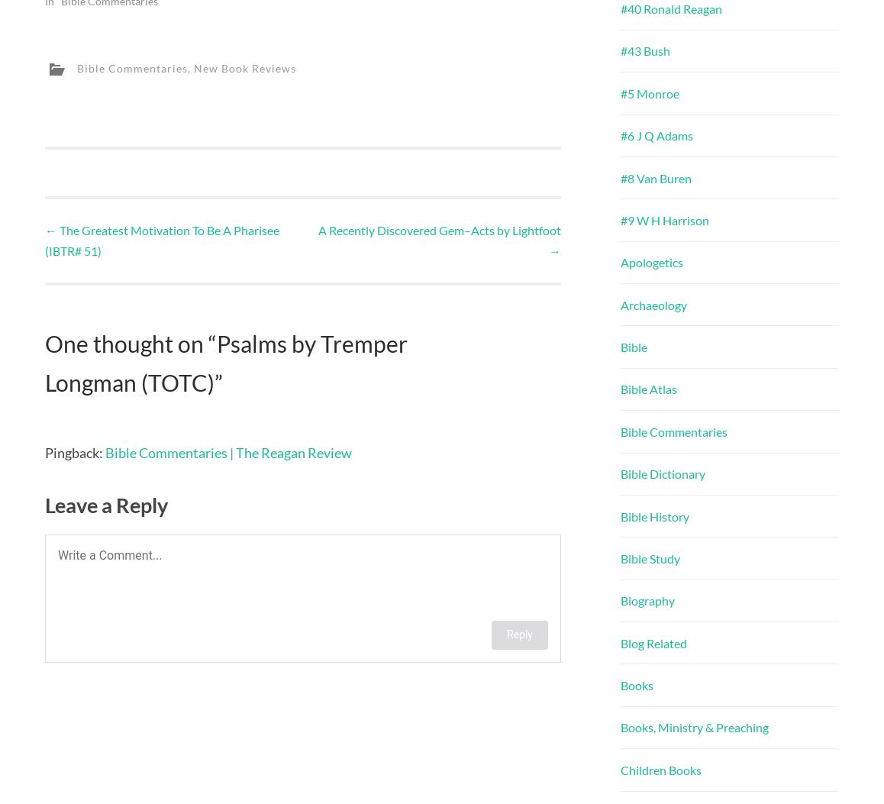  Describe the element at coordinates (520, 632) in the screenshot. I see `'Reply'` at that location.